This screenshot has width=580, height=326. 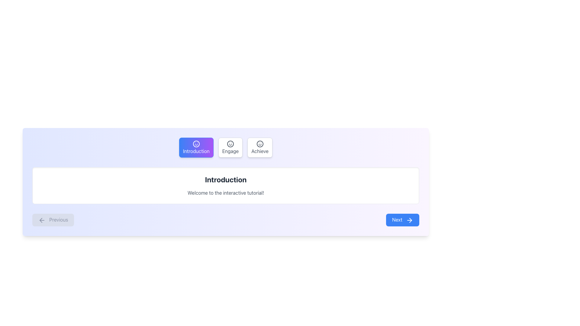 I want to click on the group of buttons labeled 'Introduction,' 'Engage,' and 'Achieve,' which are centrally aligned at the top of the interface, so click(x=225, y=148).